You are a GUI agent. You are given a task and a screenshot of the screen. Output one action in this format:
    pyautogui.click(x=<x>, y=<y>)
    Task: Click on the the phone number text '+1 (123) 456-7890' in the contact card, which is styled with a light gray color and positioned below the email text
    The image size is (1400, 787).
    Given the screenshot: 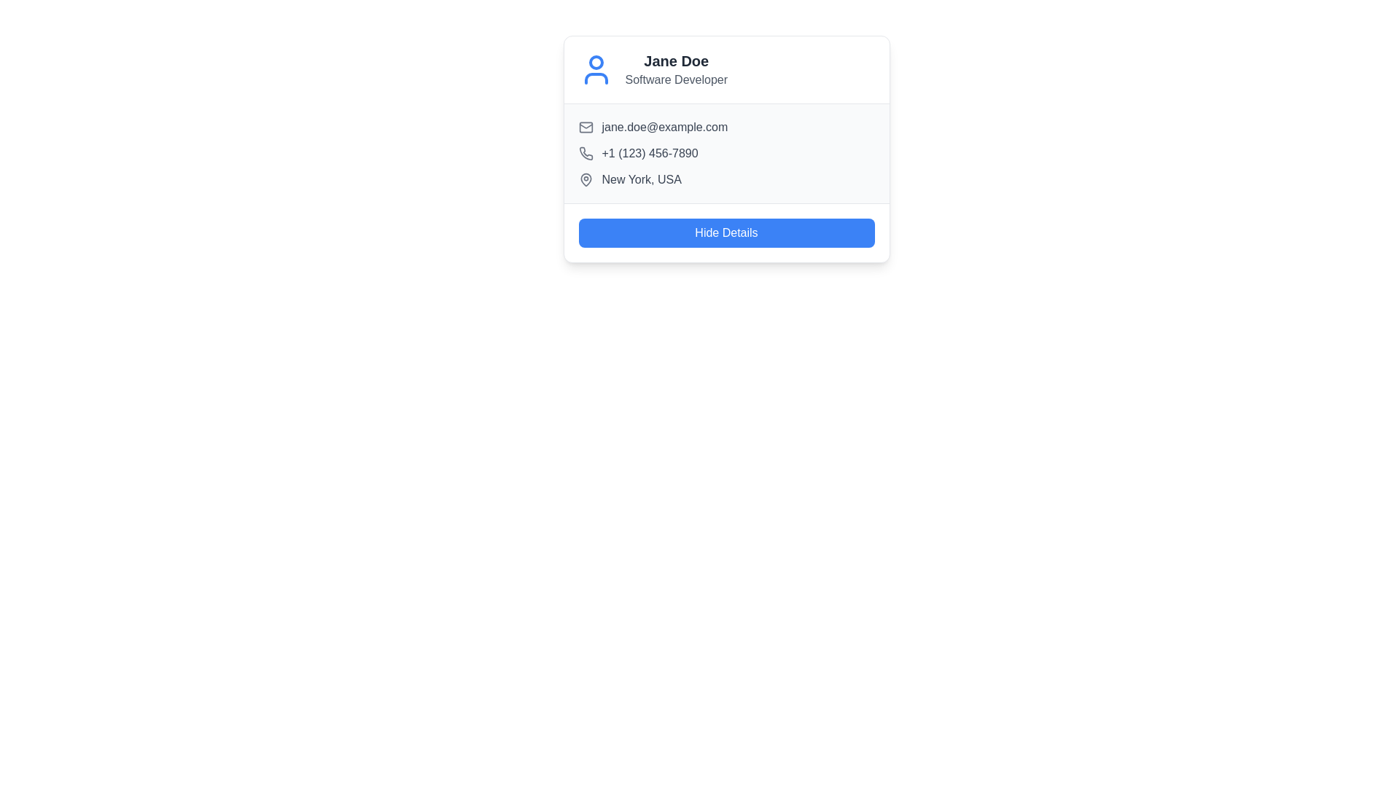 What is the action you would take?
    pyautogui.click(x=649, y=154)
    